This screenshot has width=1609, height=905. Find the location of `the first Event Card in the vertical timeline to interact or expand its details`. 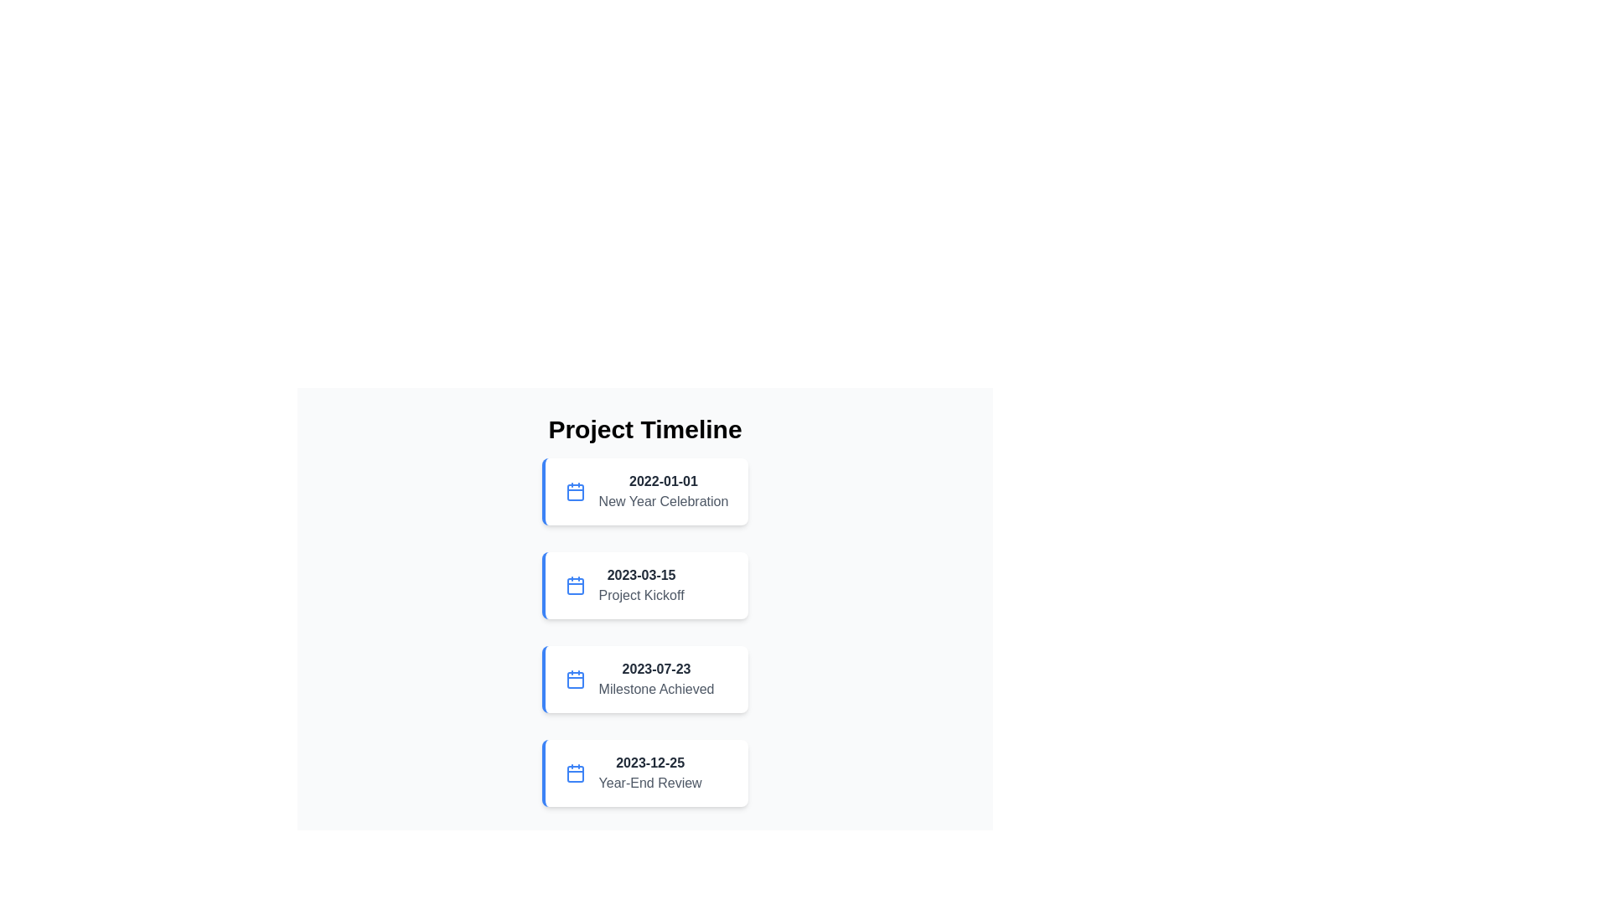

the first Event Card in the vertical timeline to interact or expand its details is located at coordinates (644, 490).